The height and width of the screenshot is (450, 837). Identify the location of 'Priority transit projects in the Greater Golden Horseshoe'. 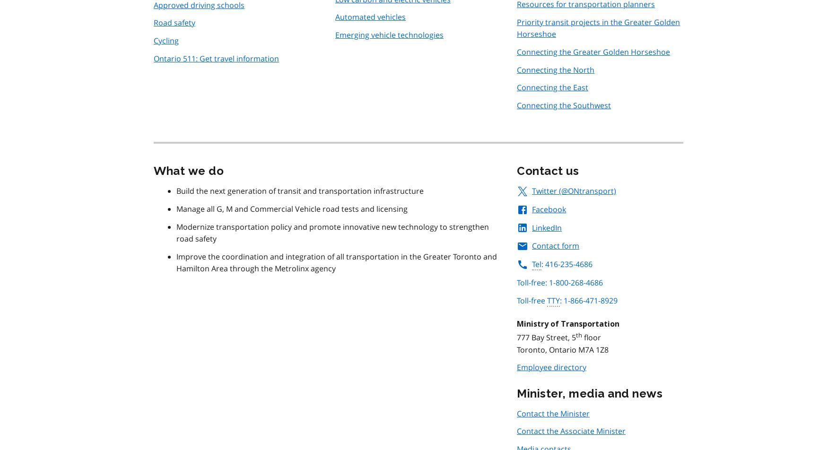
(598, 28).